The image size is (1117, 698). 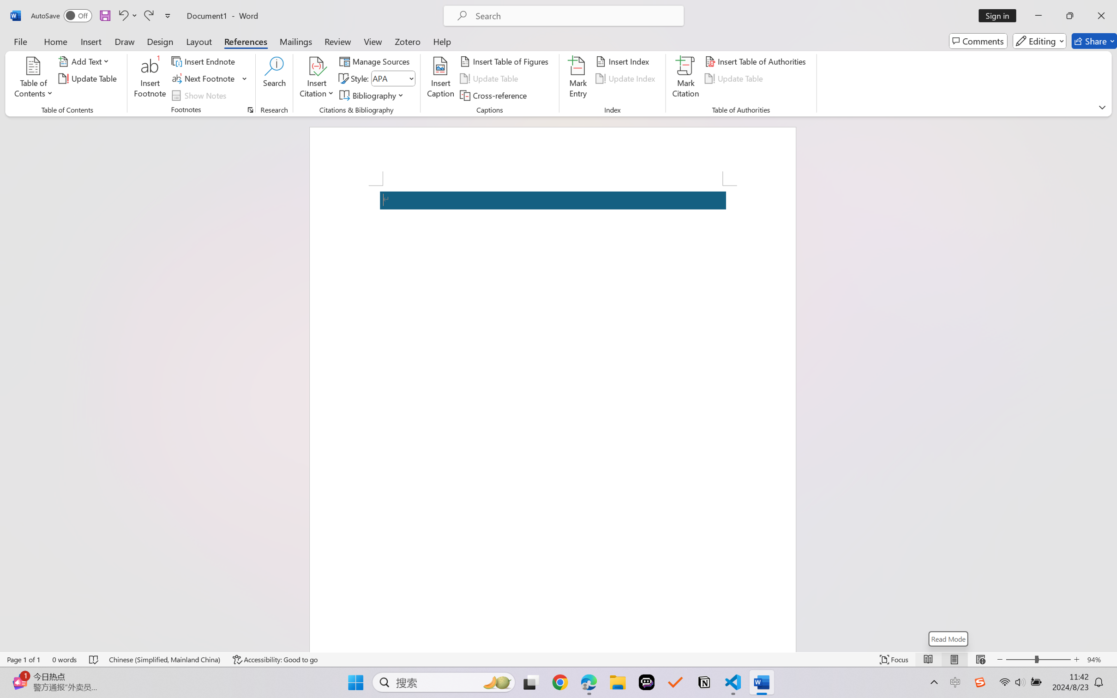 I want to click on 'Style', so click(x=389, y=78).